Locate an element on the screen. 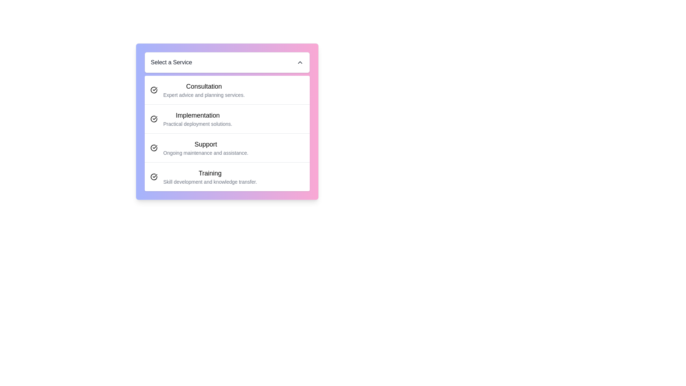 This screenshot has height=386, width=686. the circular icon with a checkmark inside, which is positioned to the left of the 'Support' text label in the menu list is located at coordinates (154, 147).